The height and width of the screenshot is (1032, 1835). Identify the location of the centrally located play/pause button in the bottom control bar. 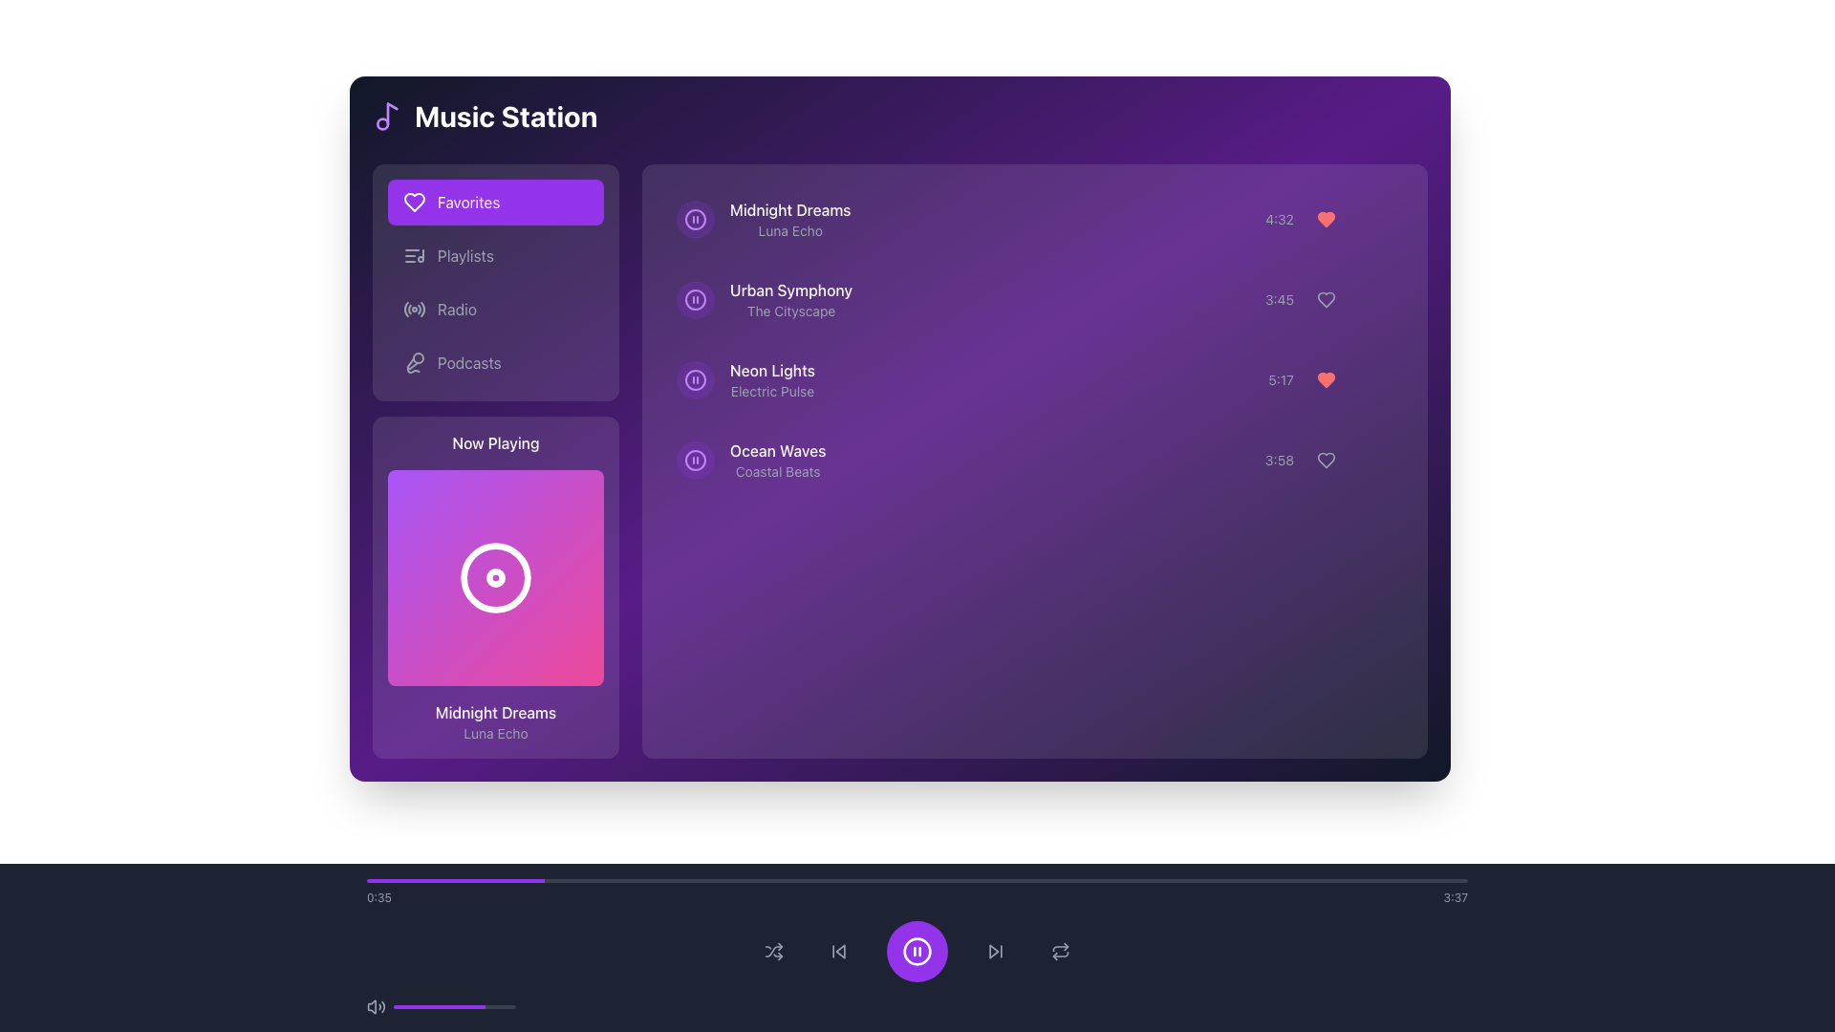
(917, 951).